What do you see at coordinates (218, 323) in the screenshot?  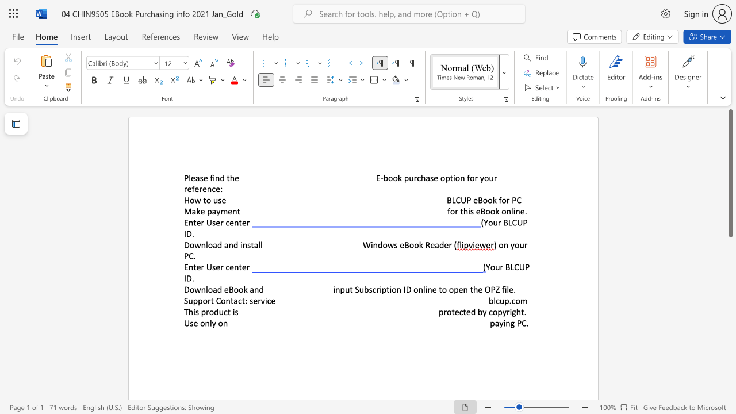 I see `the subset text "on" within the text "Use only on"` at bounding box center [218, 323].